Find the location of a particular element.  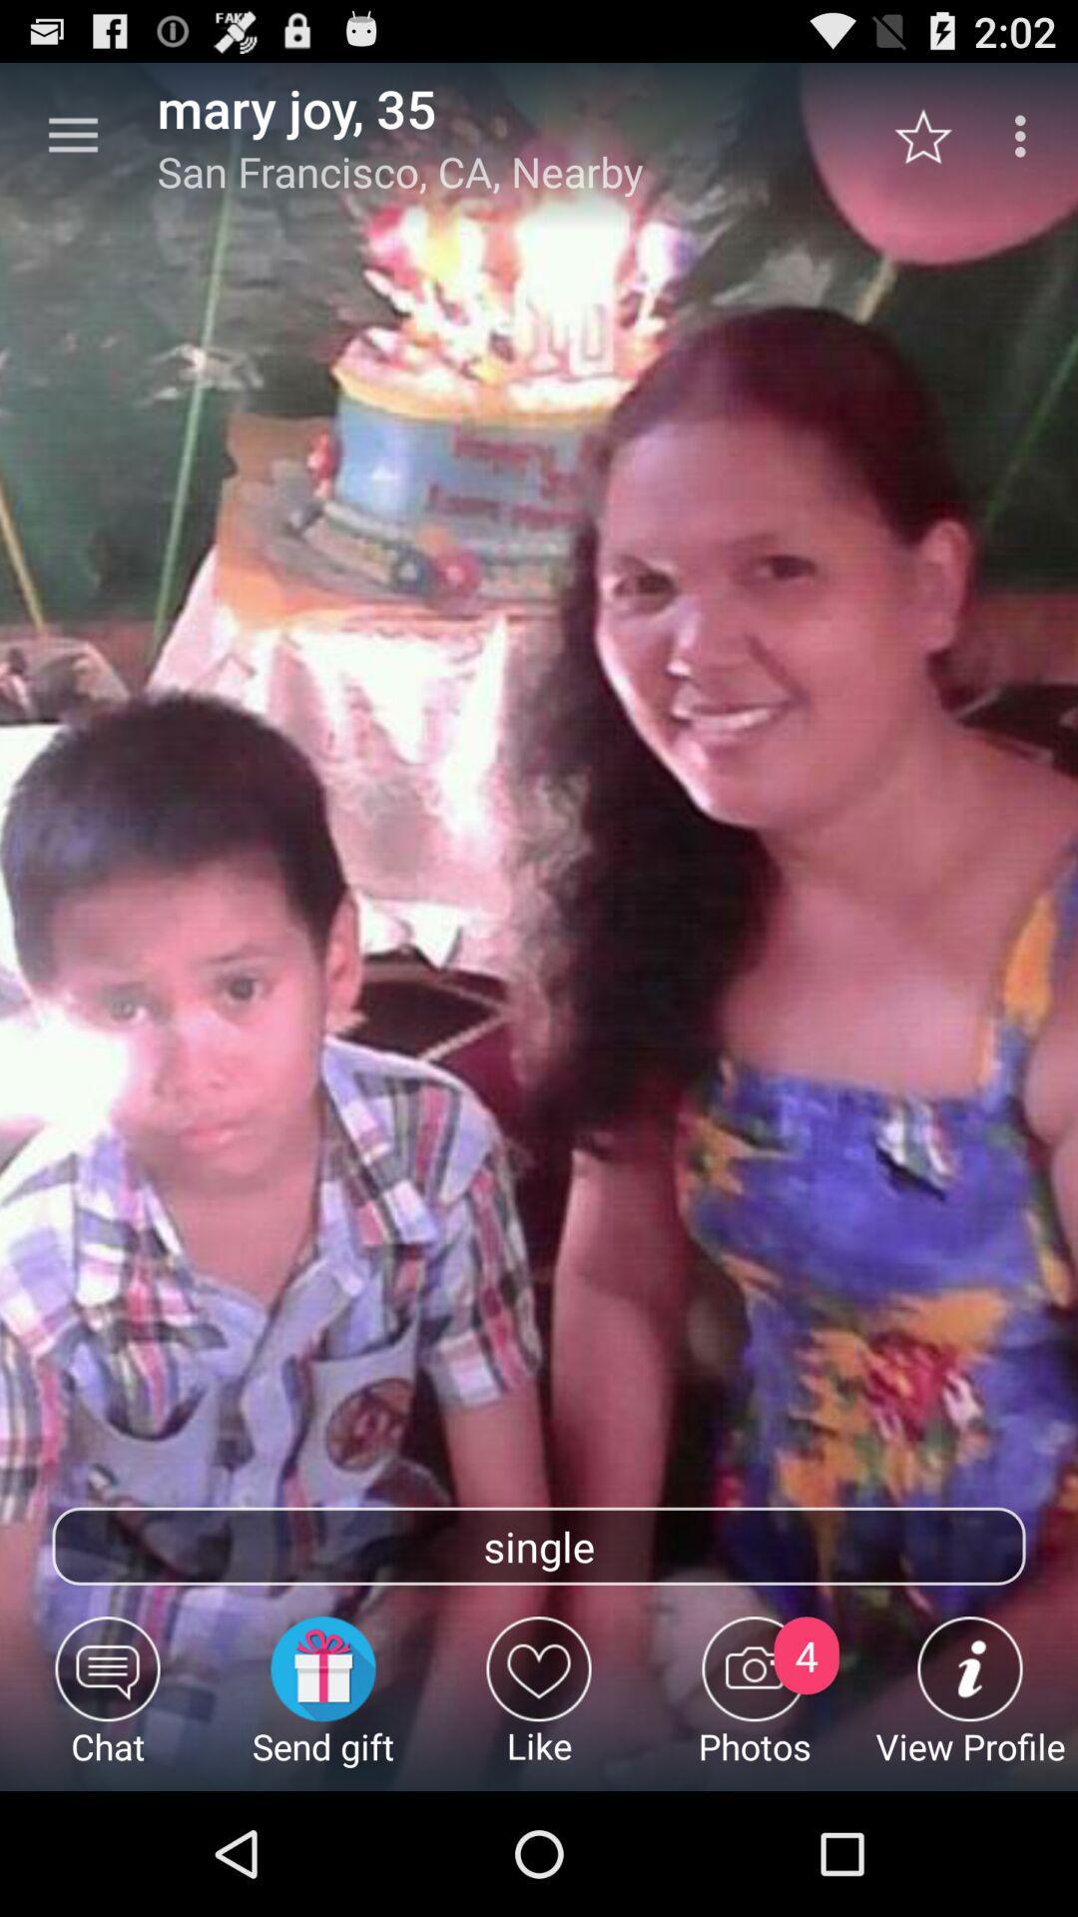

icon next to the like icon is located at coordinates (755, 1702).